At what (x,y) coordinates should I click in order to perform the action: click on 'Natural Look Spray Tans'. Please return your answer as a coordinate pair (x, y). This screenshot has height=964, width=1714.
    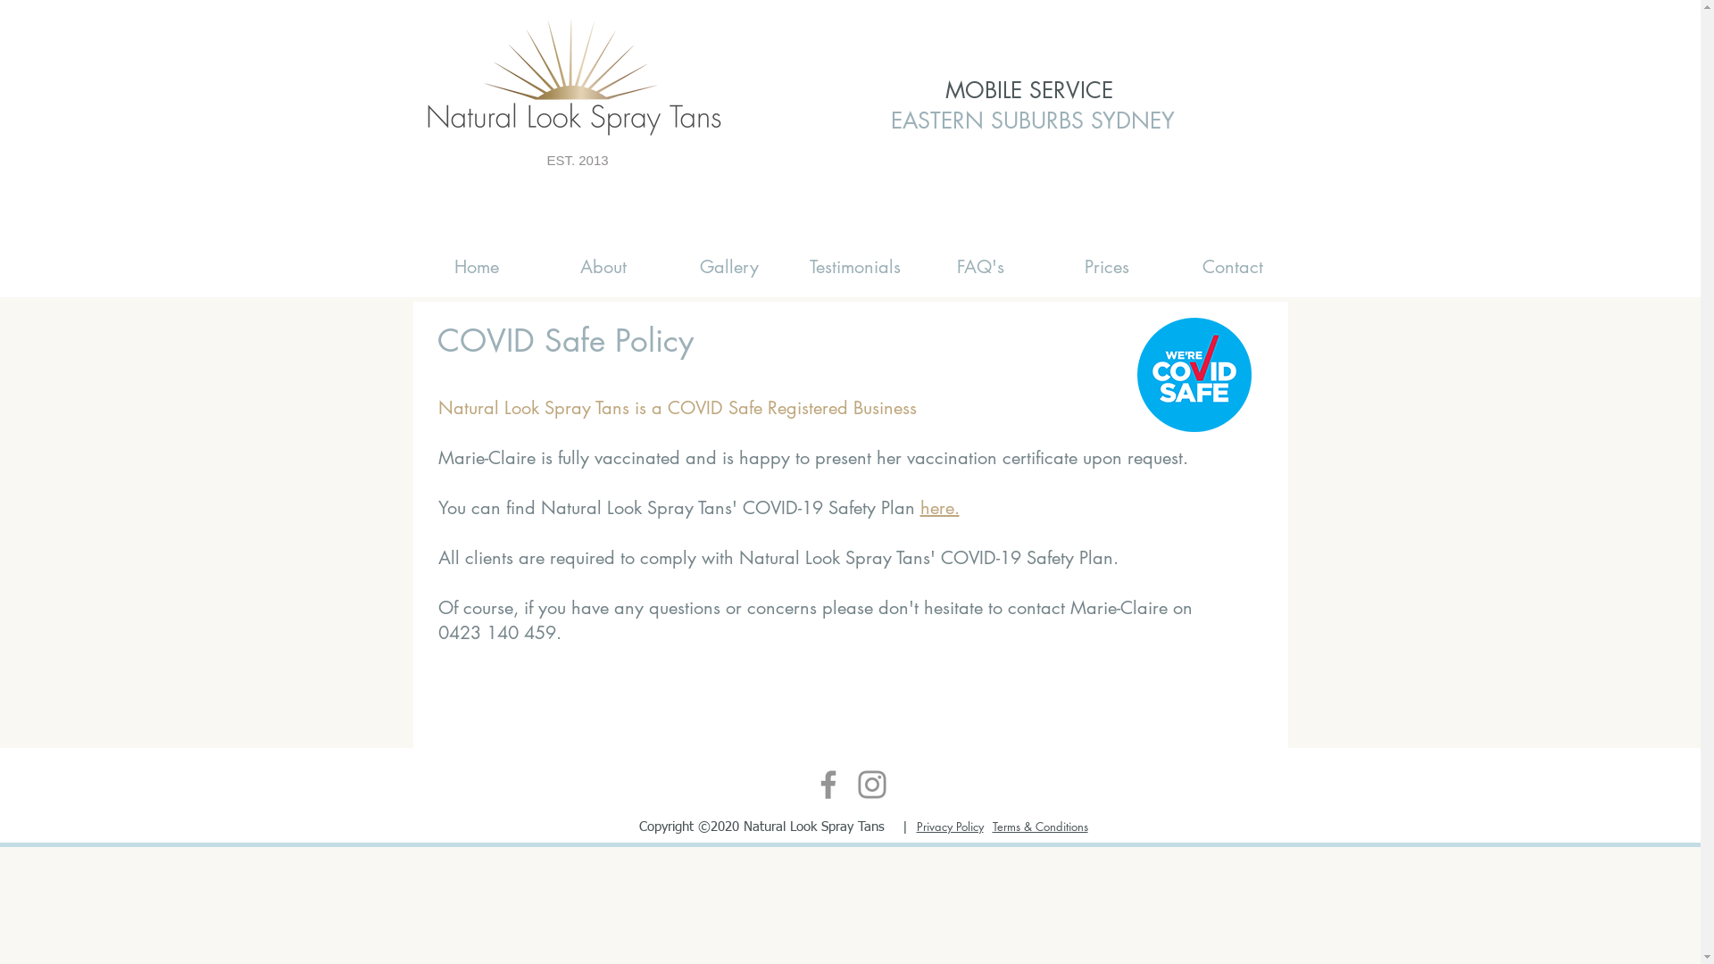
    Looking at the image, I should click on (574, 78).